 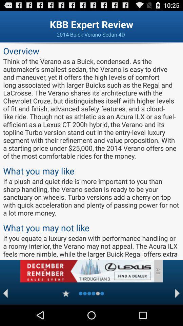 What do you see at coordinates (5, 293) in the screenshot?
I see `go previous` at bounding box center [5, 293].